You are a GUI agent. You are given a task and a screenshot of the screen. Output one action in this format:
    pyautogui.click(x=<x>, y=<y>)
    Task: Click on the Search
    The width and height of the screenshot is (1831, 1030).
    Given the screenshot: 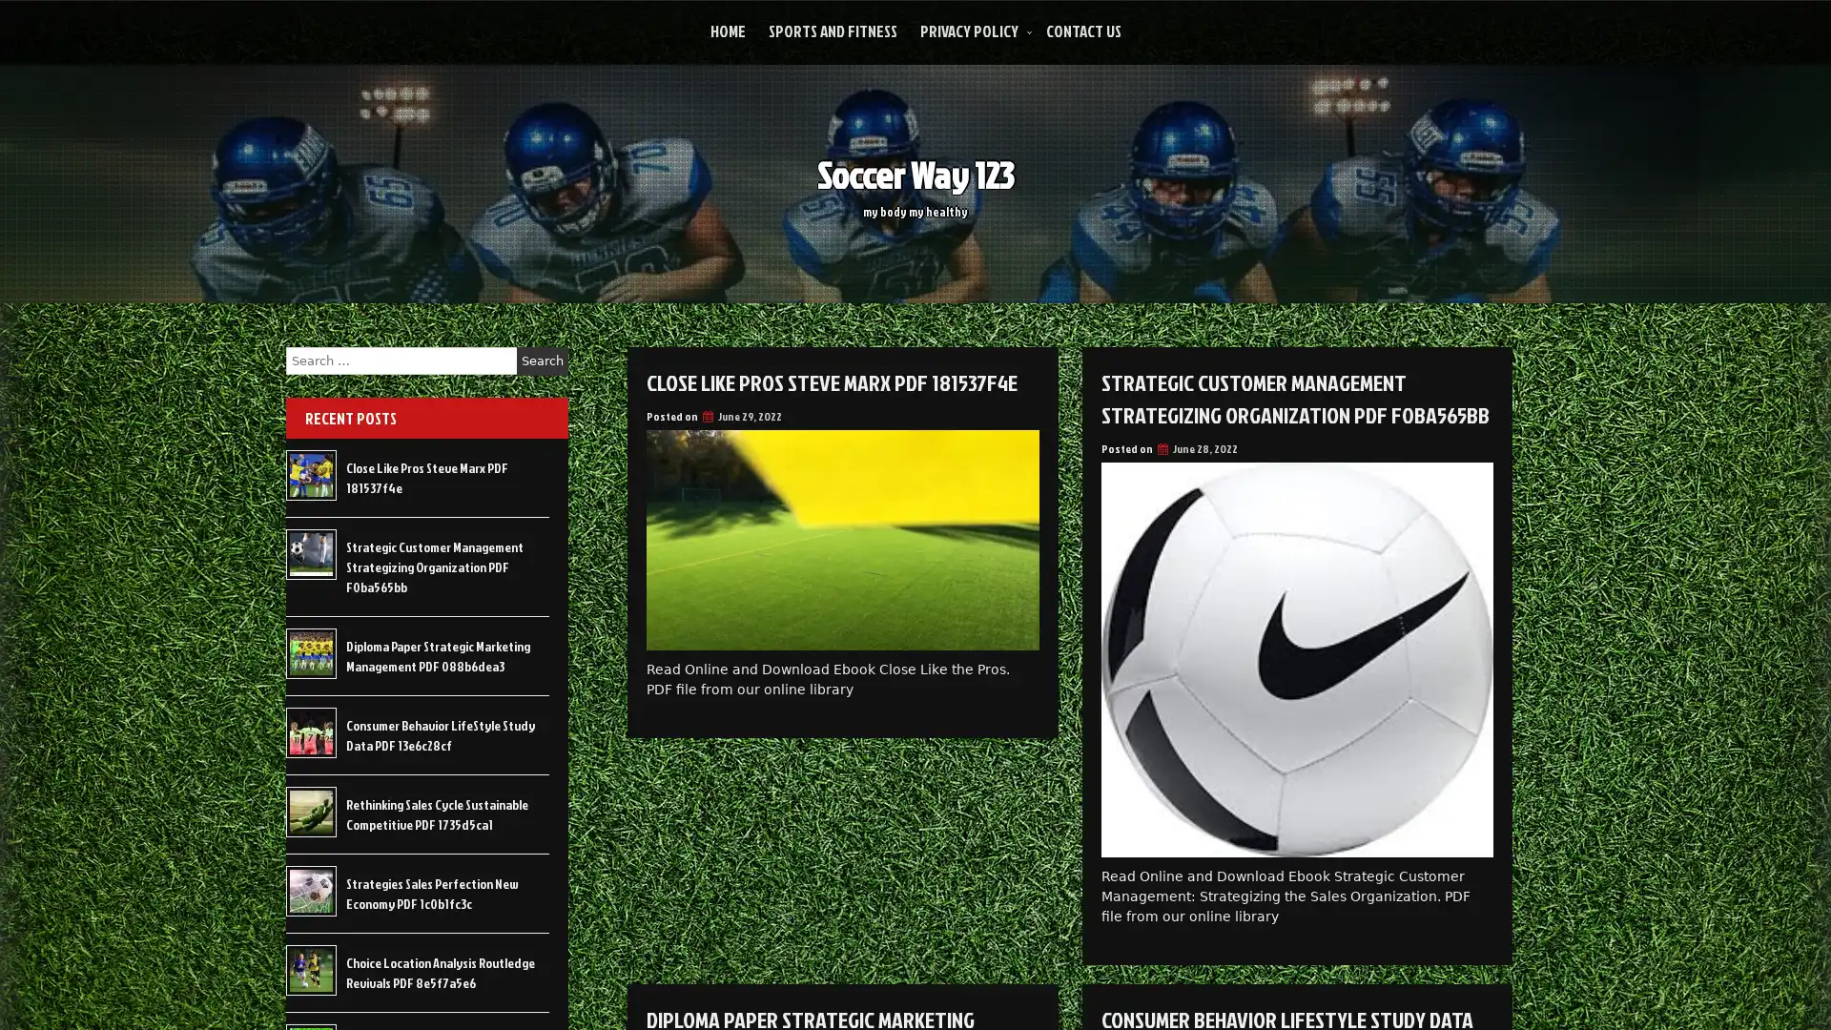 What is the action you would take?
    pyautogui.click(x=542, y=360)
    